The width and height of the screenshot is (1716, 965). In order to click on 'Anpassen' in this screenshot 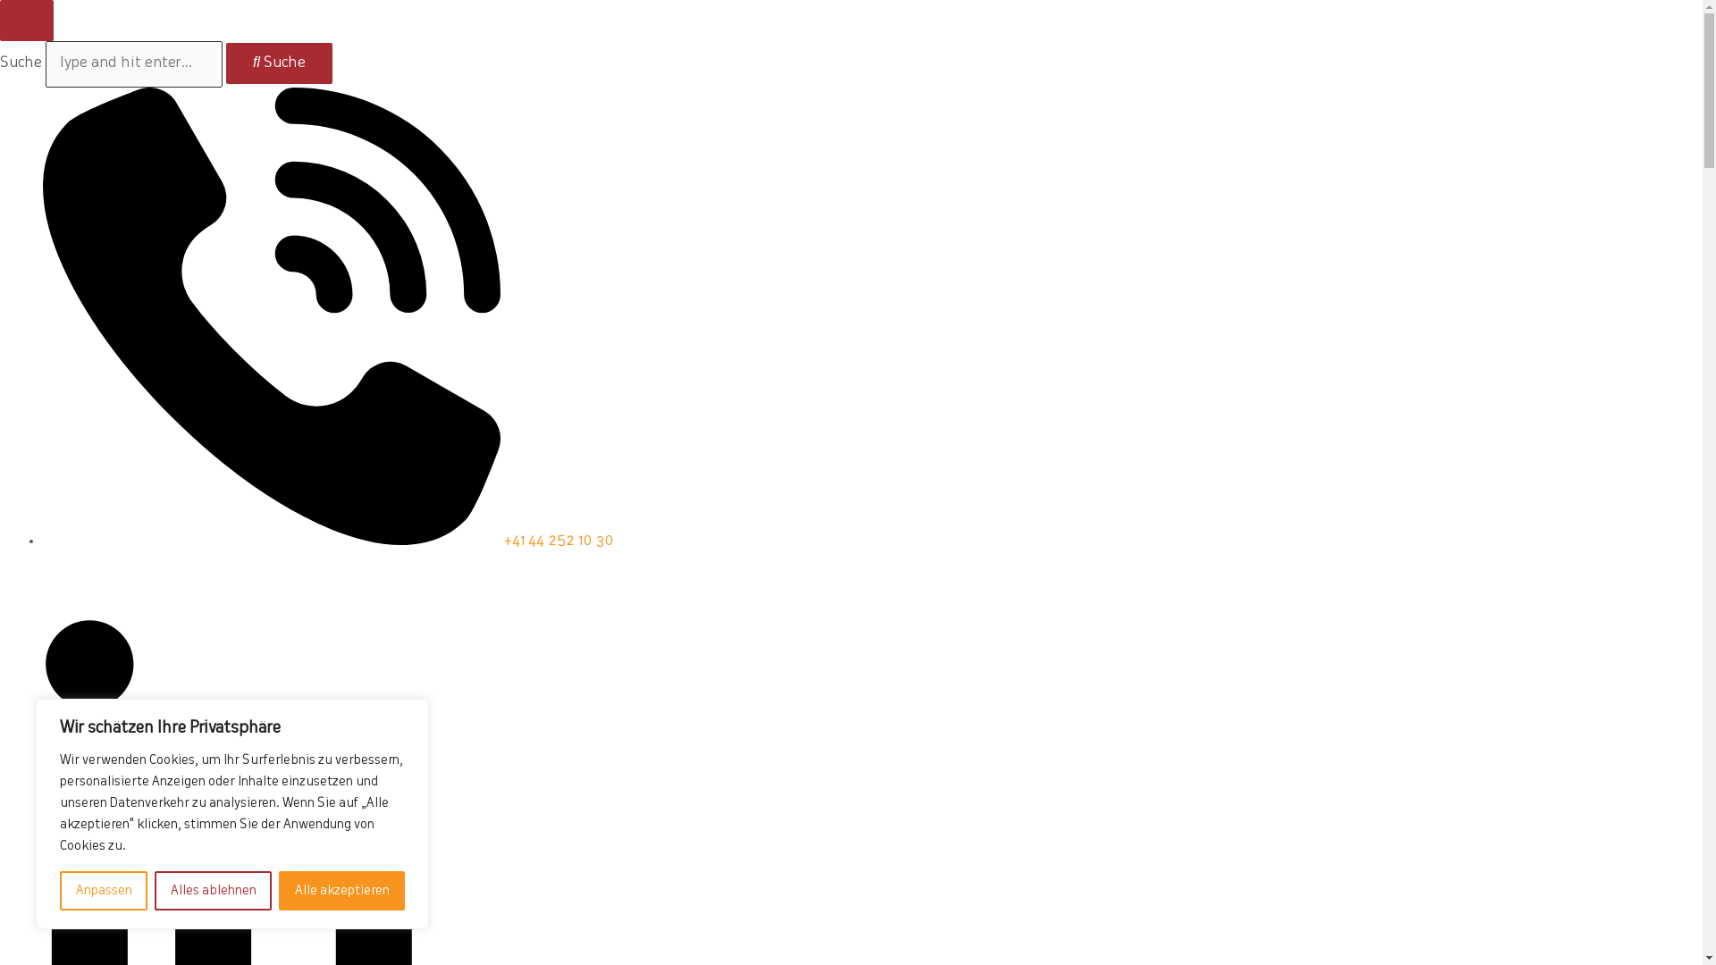, I will do `click(102, 890)`.